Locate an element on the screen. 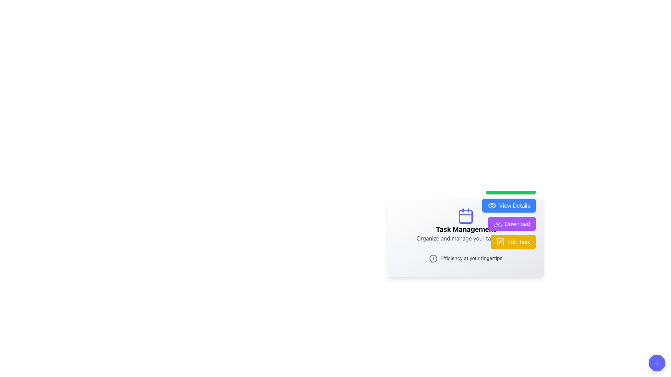 This screenshot has width=671, height=377. the circular gray information icon next to the text label 'Efficiency at your fingertips' is located at coordinates (466, 258).